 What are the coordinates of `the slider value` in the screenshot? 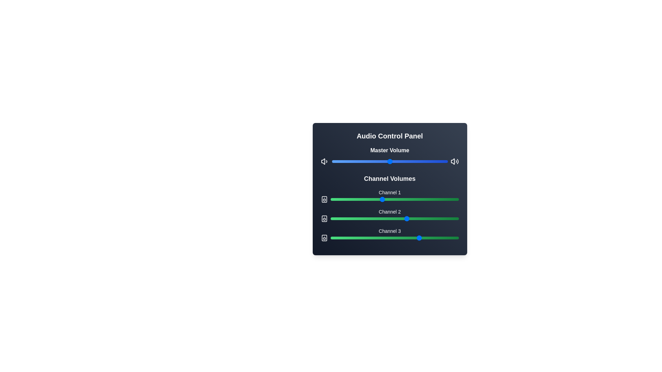 It's located at (457, 199).